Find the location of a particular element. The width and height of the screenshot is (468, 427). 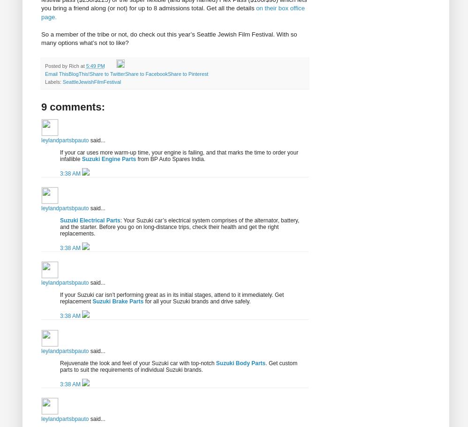

'Rejuvenate the look and feel of your Suzuki car with top-notch' is located at coordinates (137, 363).